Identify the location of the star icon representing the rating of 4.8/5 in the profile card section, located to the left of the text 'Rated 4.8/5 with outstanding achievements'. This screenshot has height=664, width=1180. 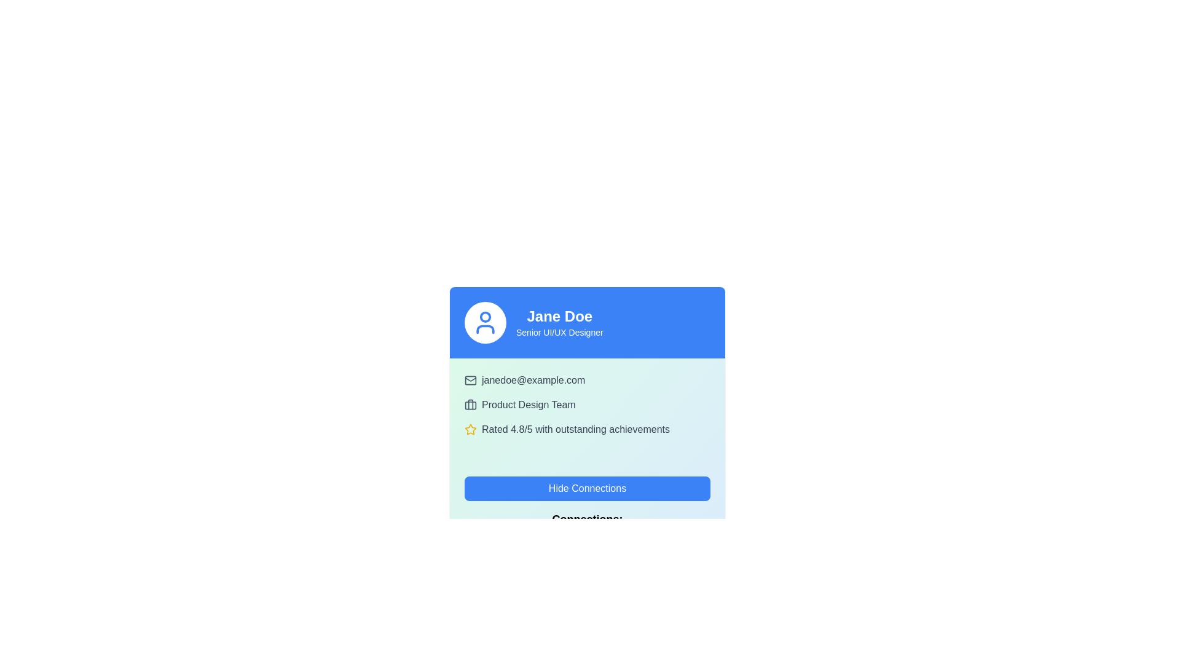
(470, 429).